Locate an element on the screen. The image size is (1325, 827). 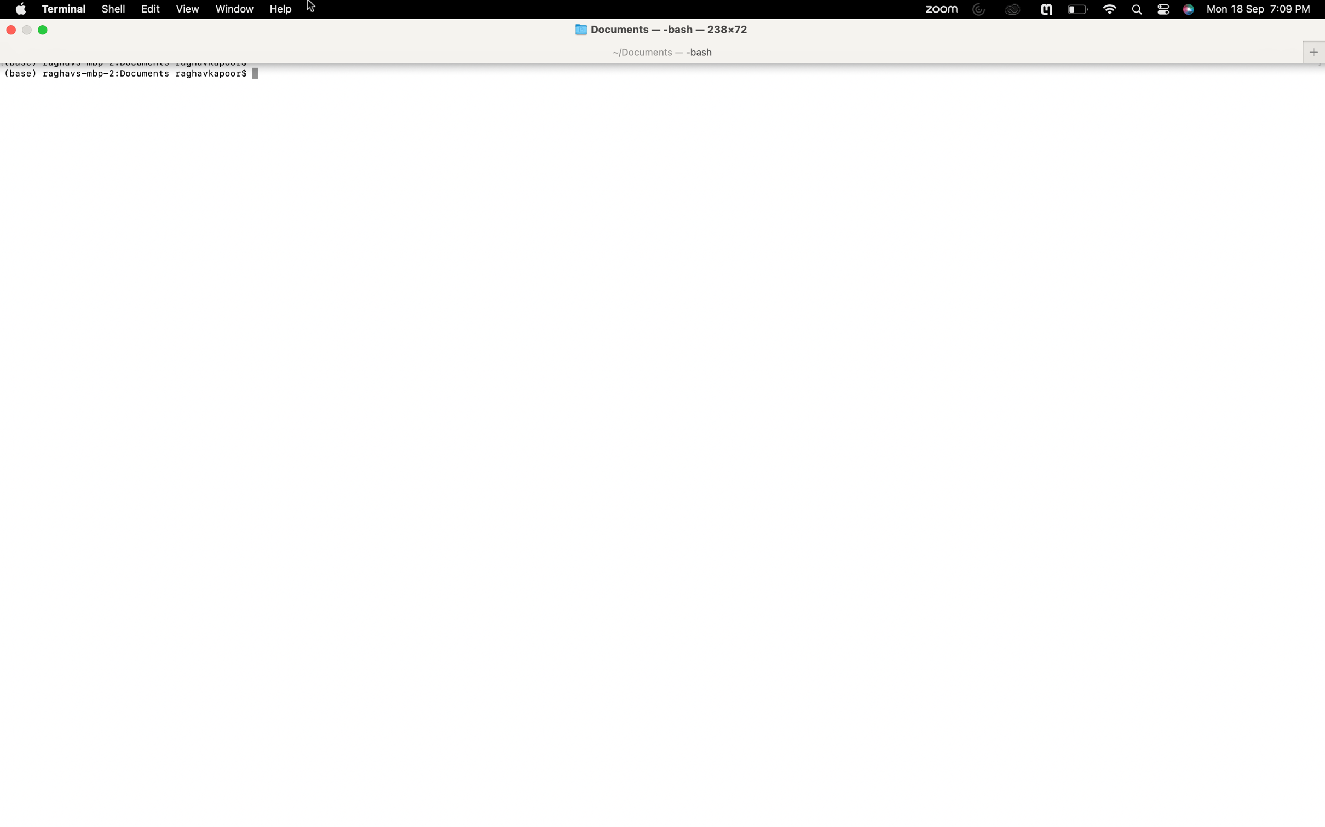
Do split pane using the view option on top is located at coordinates (187, 9).